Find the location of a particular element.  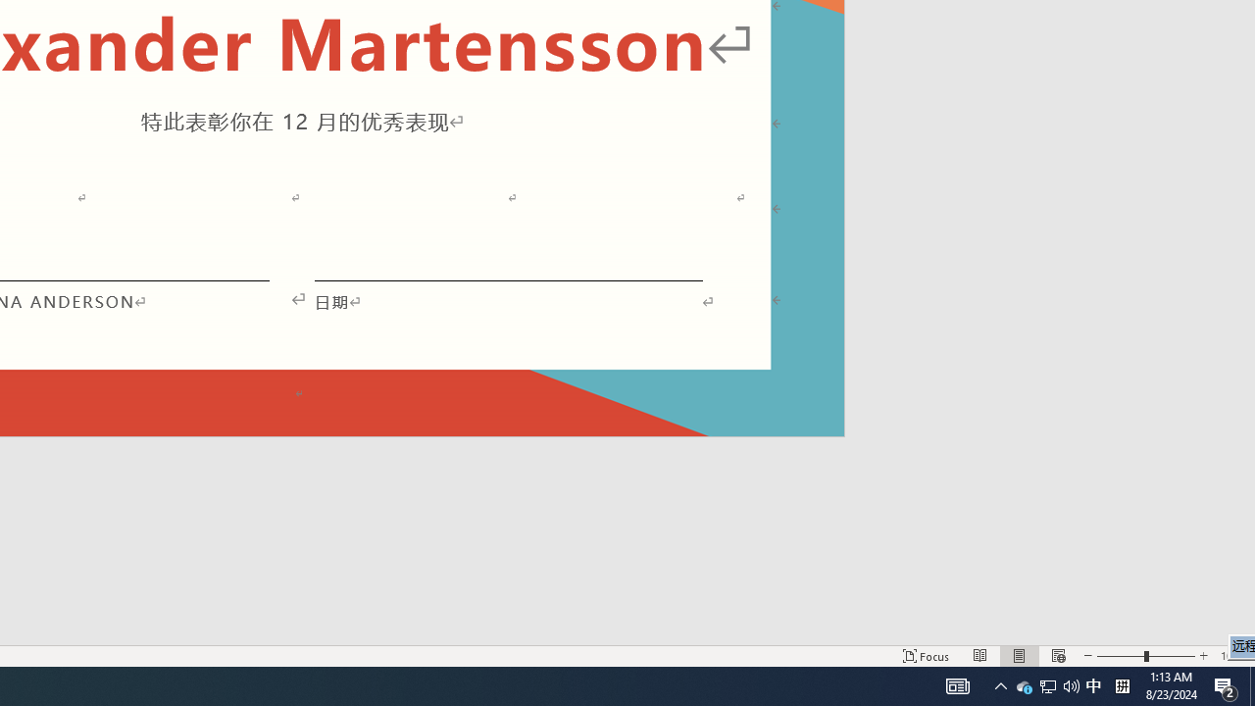

'Zoom 100%' is located at coordinates (1232, 656).